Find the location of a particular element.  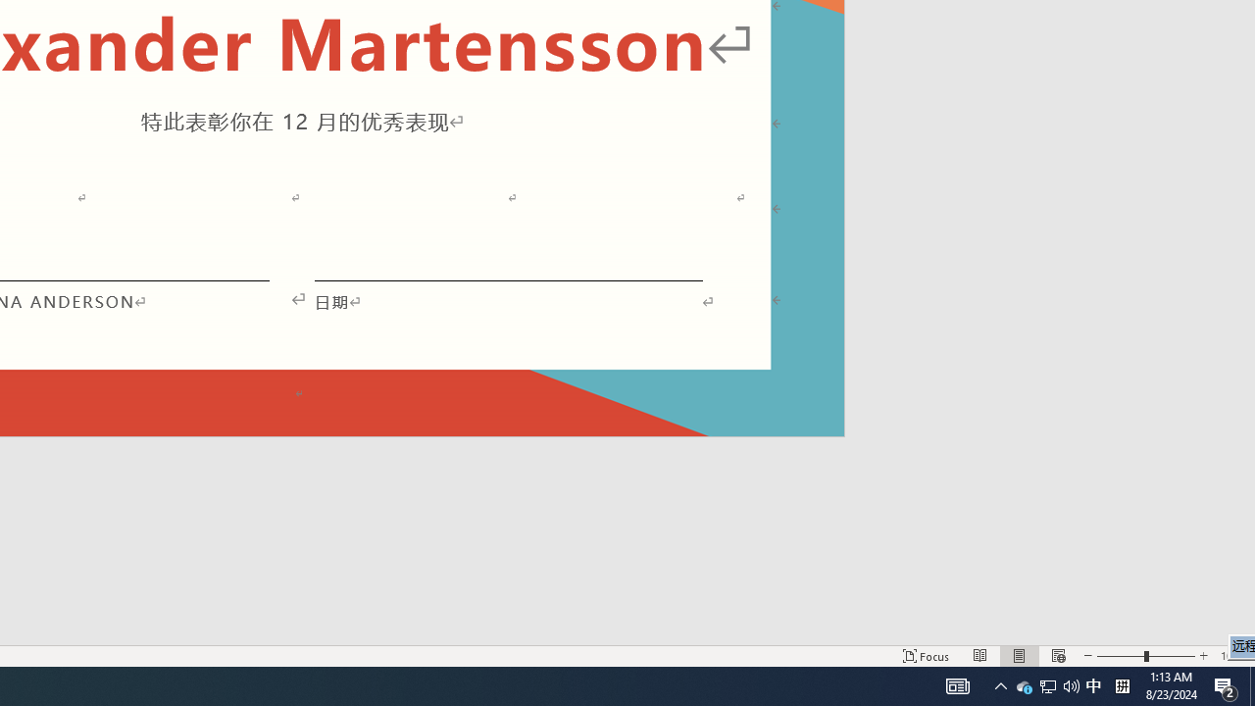

'Zoom 100%' is located at coordinates (1232, 656).